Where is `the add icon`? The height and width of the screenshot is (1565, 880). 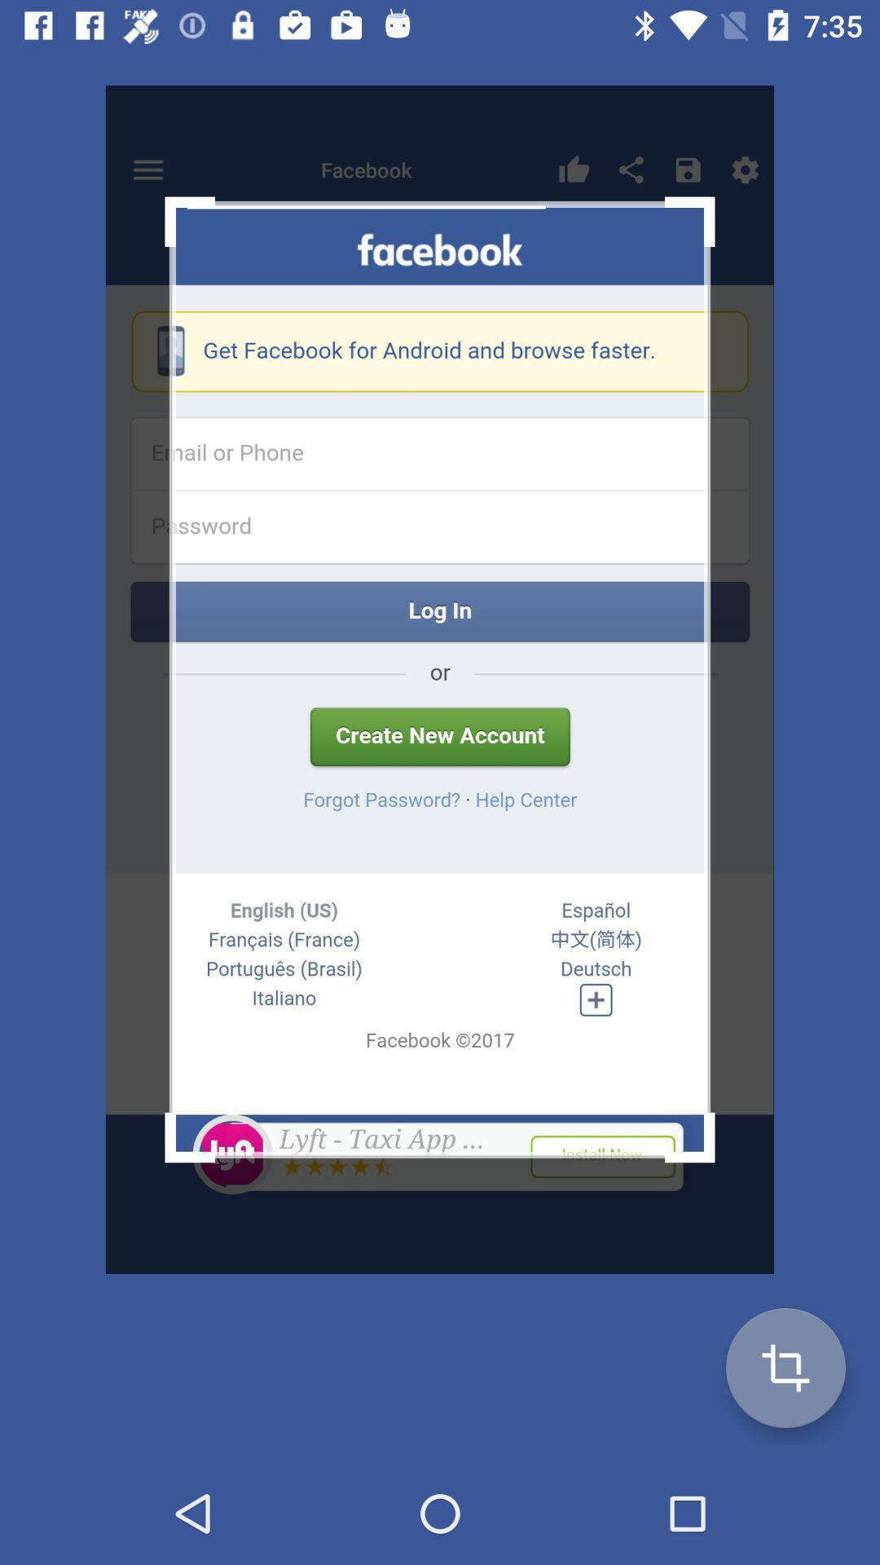 the add icon is located at coordinates (785, 1368).